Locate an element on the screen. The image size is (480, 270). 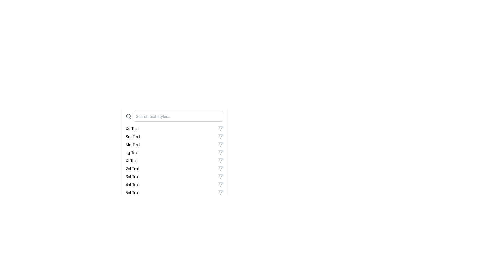
the downward-pointing triangular icon located to the right of the 'Xl Text' list item is located at coordinates (220, 161).